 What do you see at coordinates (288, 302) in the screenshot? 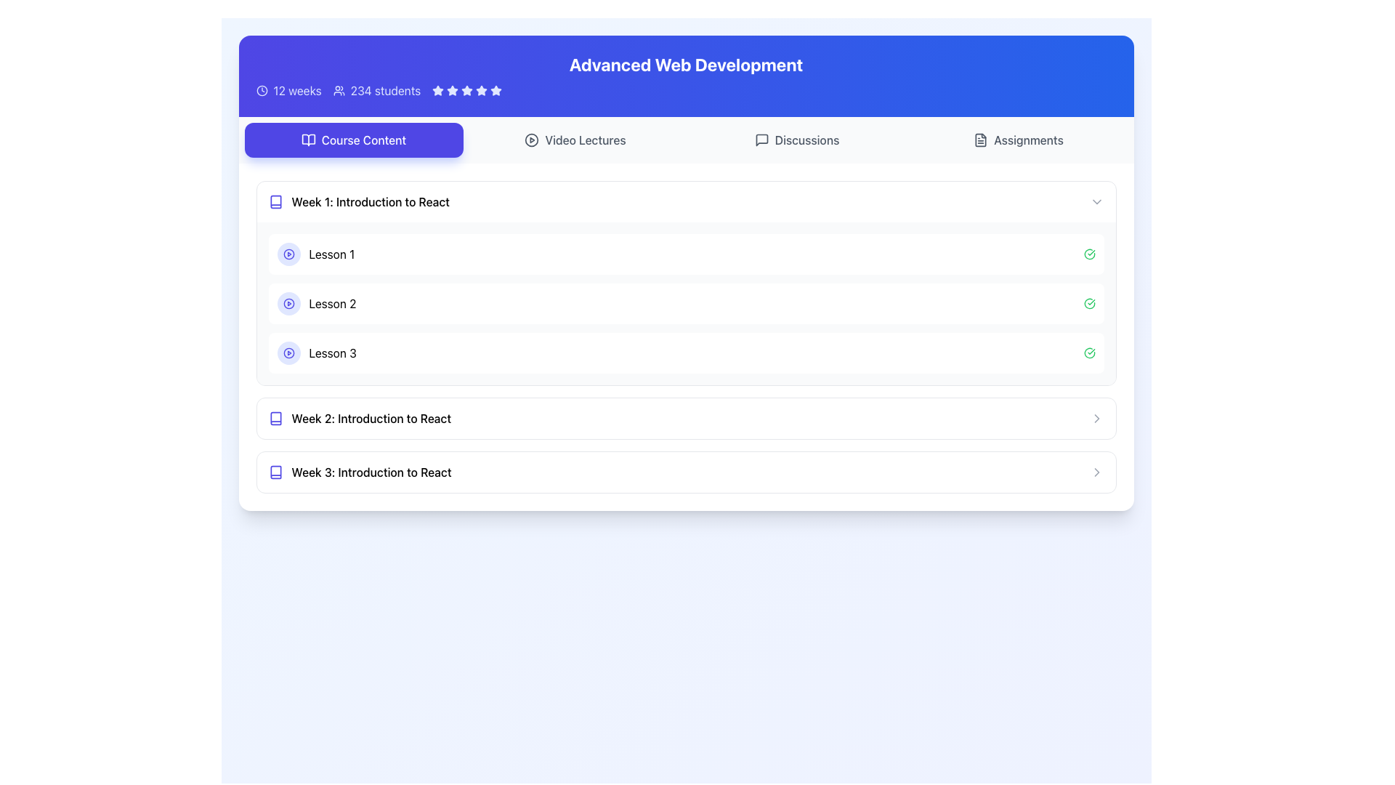
I see `the circular blue play icon with a triangle symbol inside it, located in the second lesson item under 'Week 1: Introduction to React', to play the associated media` at bounding box center [288, 302].